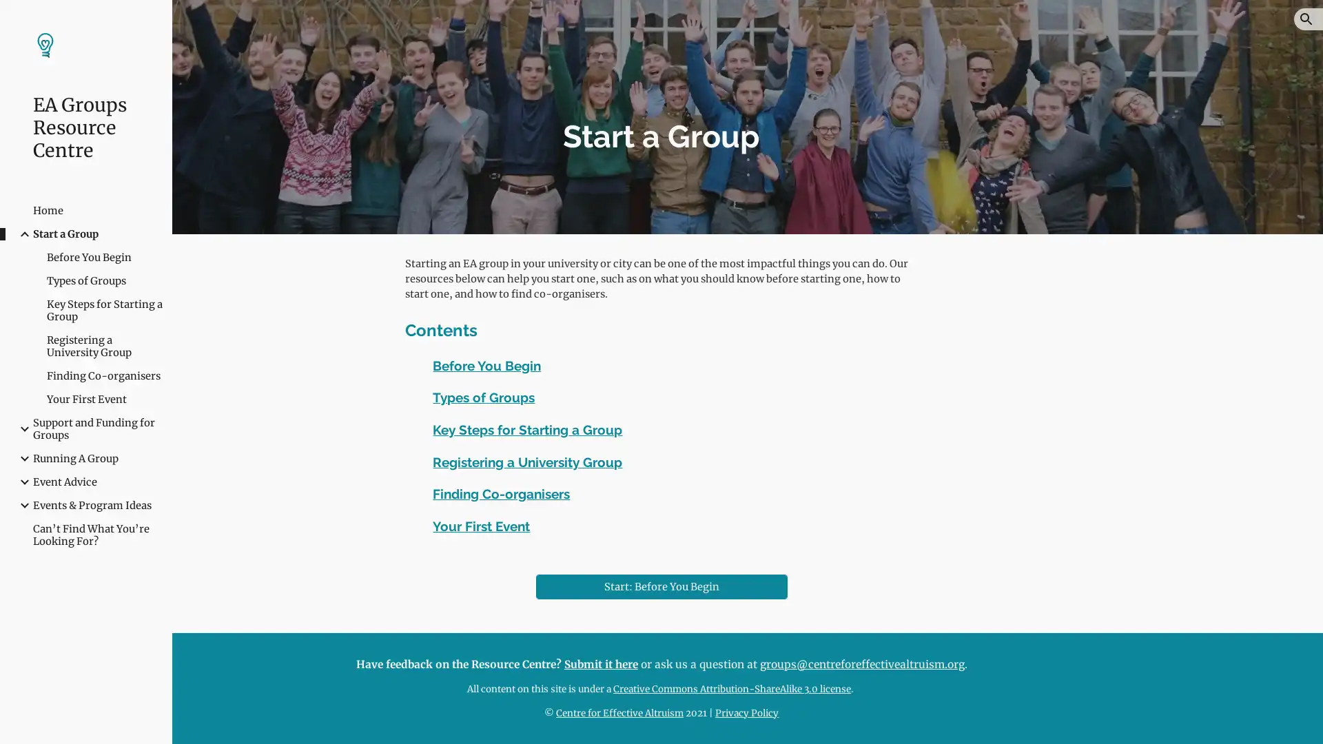  I want to click on Report abuse, so click(280, 719).